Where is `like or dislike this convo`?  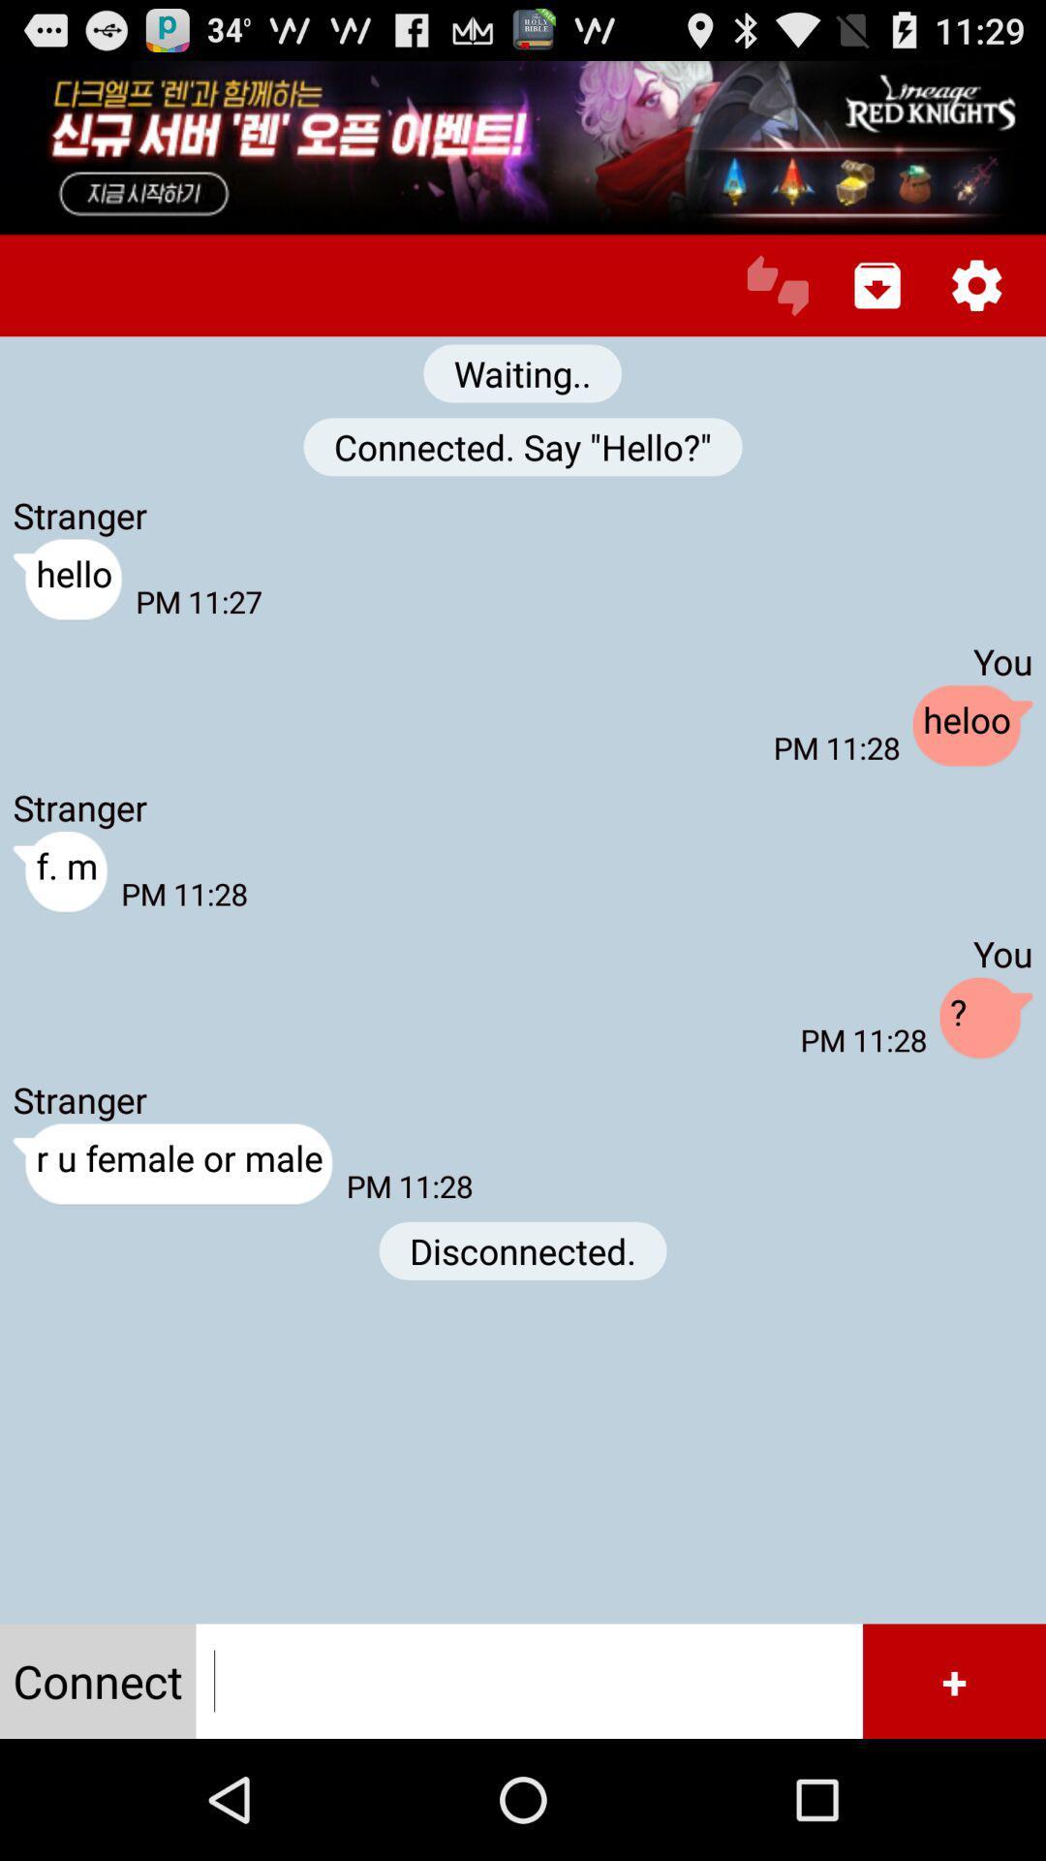
like or dislike this convo is located at coordinates (777, 284).